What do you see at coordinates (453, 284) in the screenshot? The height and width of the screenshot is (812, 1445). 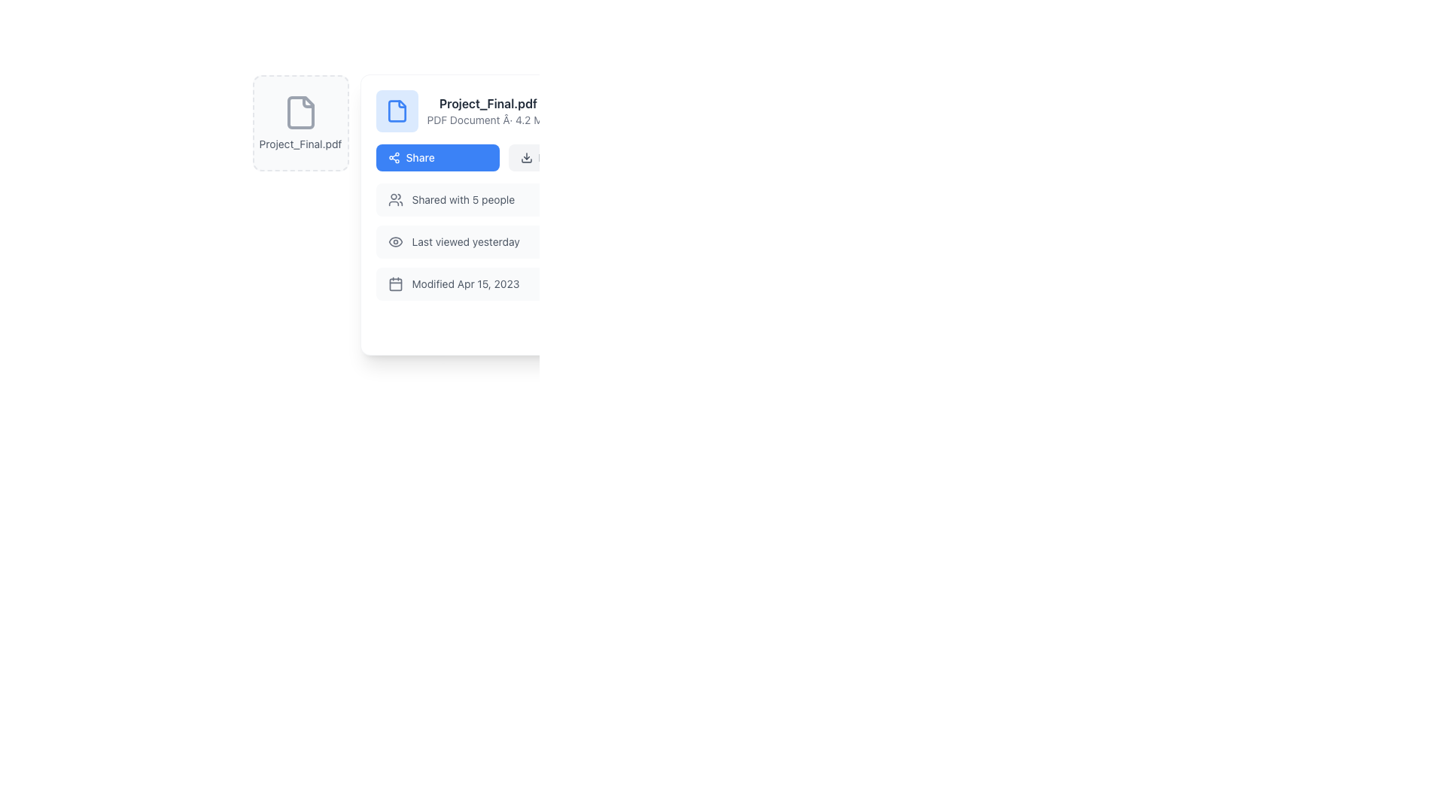 I see `last modification date text label located at the bottom-right portion of the card-like component, which displays when the file was last updated, with a calendar icon to the left` at bounding box center [453, 284].